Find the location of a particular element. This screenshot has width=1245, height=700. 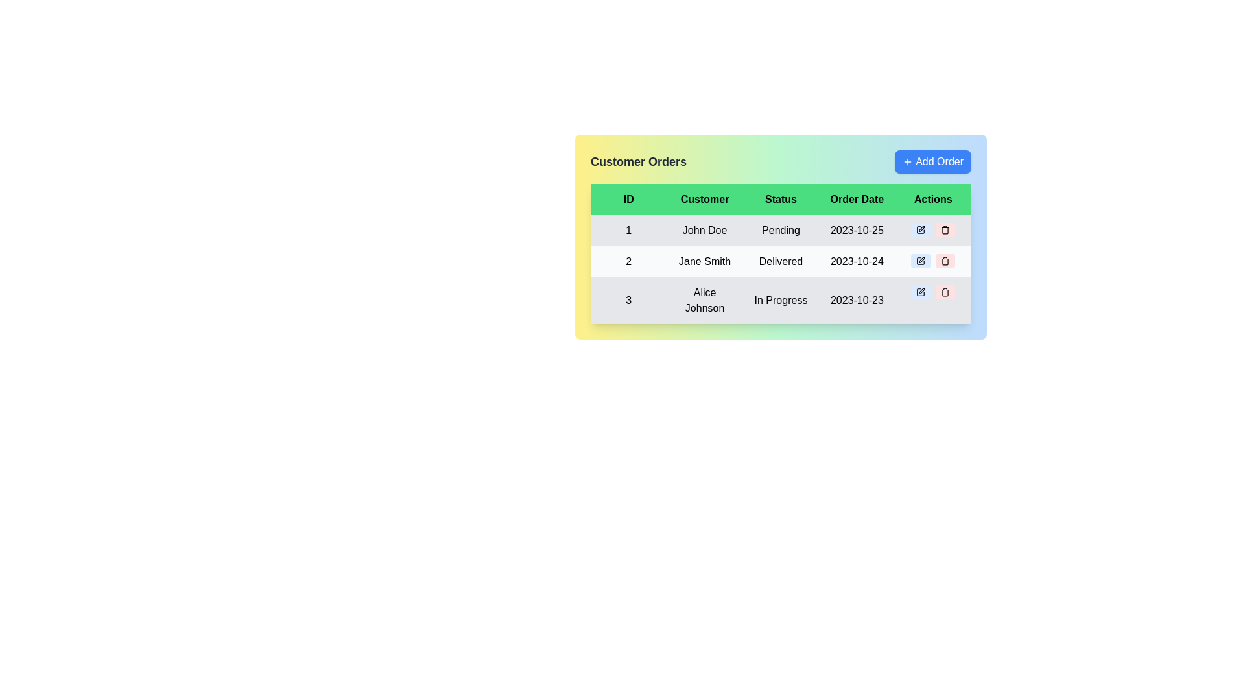

the blue button in the Button group is located at coordinates (932, 229).